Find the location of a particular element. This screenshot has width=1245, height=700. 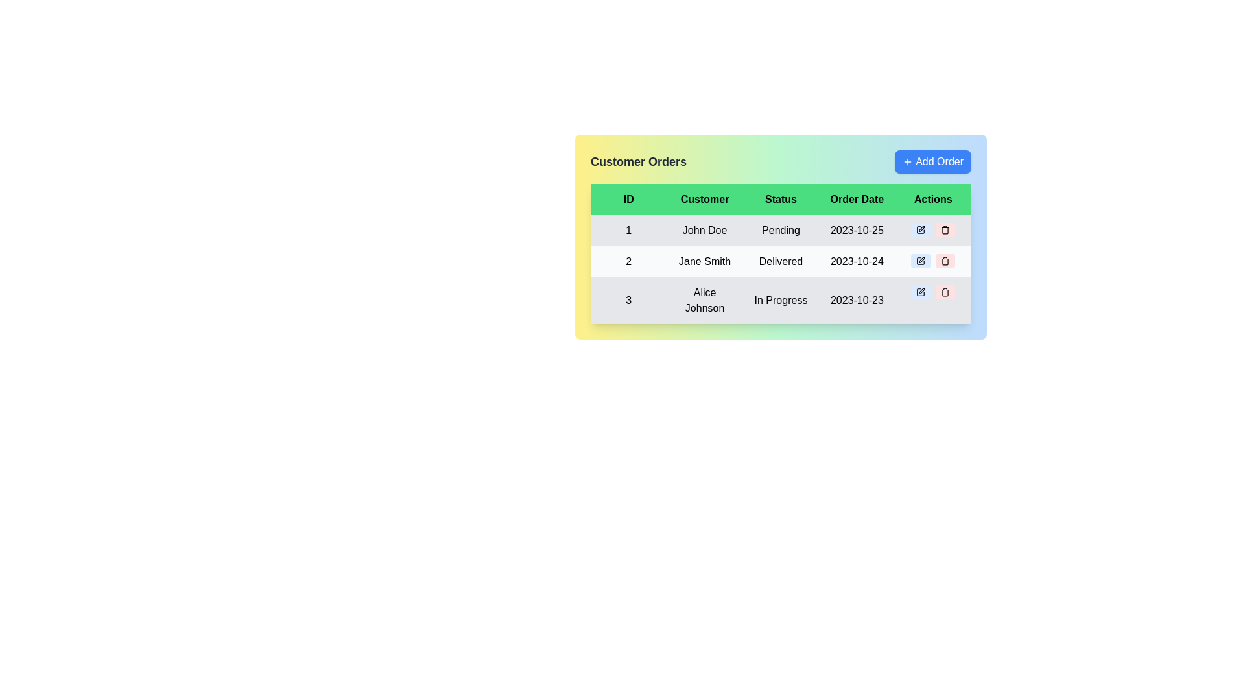

the blue button in the Button group is located at coordinates (932, 229).